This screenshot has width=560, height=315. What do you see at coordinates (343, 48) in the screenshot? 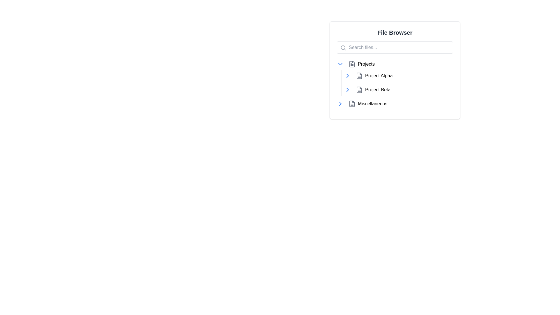
I see `the search icon located in the top-left region of the search bar input field, positioned left-aligned near the placeholder text 'Search files...'` at bounding box center [343, 48].